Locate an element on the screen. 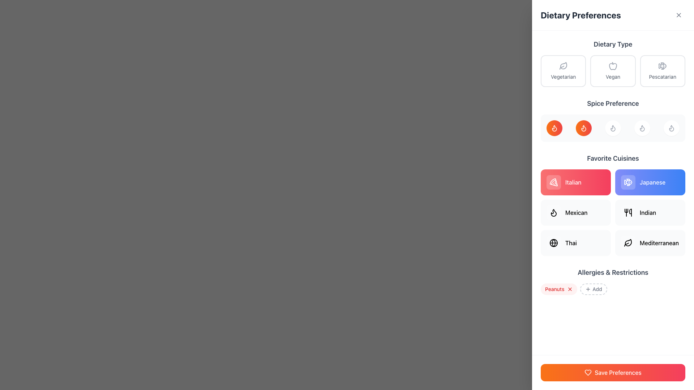 The height and width of the screenshot is (390, 694). the interactive circular button representing level 2 of spiciness is located at coordinates (583, 127).